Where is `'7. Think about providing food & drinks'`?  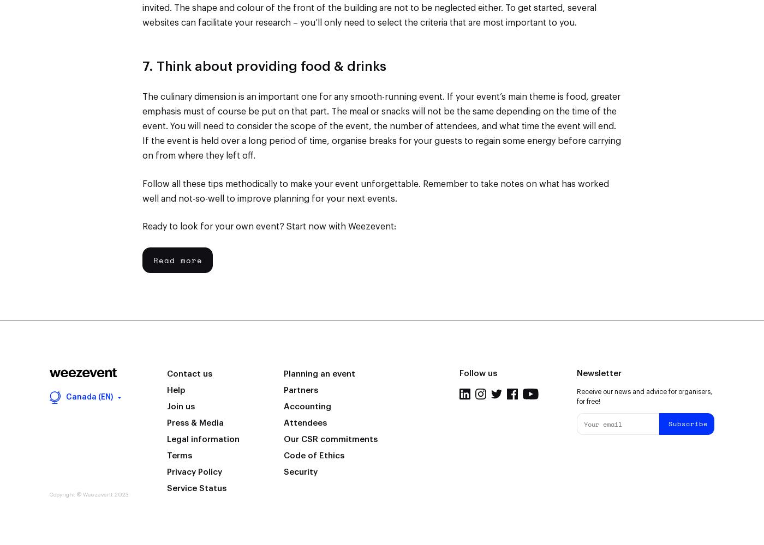
'7. Think about providing food & drinks' is located at coordinates (264, 66).